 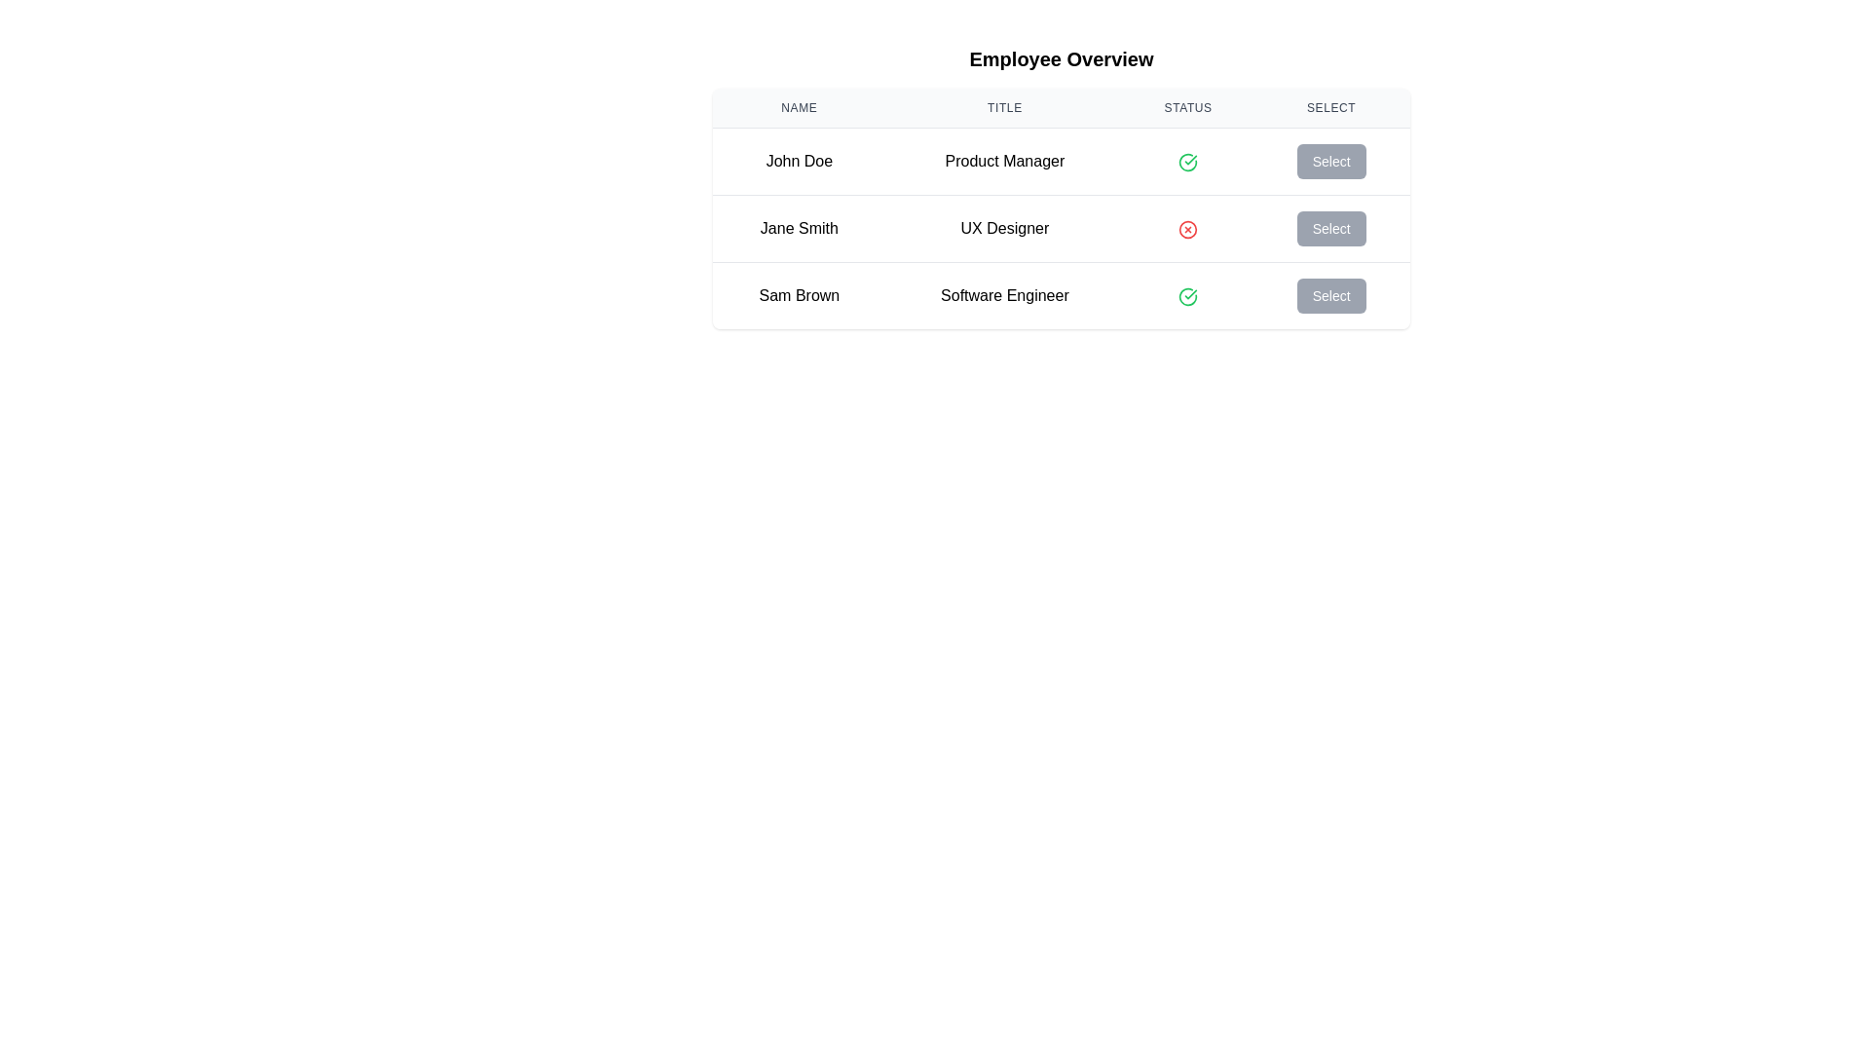 I want to click on the 'STATUS' header label of the table, which is the third label from the left, centrally aligned above its corresponding column, so click(x=1187, y=108).